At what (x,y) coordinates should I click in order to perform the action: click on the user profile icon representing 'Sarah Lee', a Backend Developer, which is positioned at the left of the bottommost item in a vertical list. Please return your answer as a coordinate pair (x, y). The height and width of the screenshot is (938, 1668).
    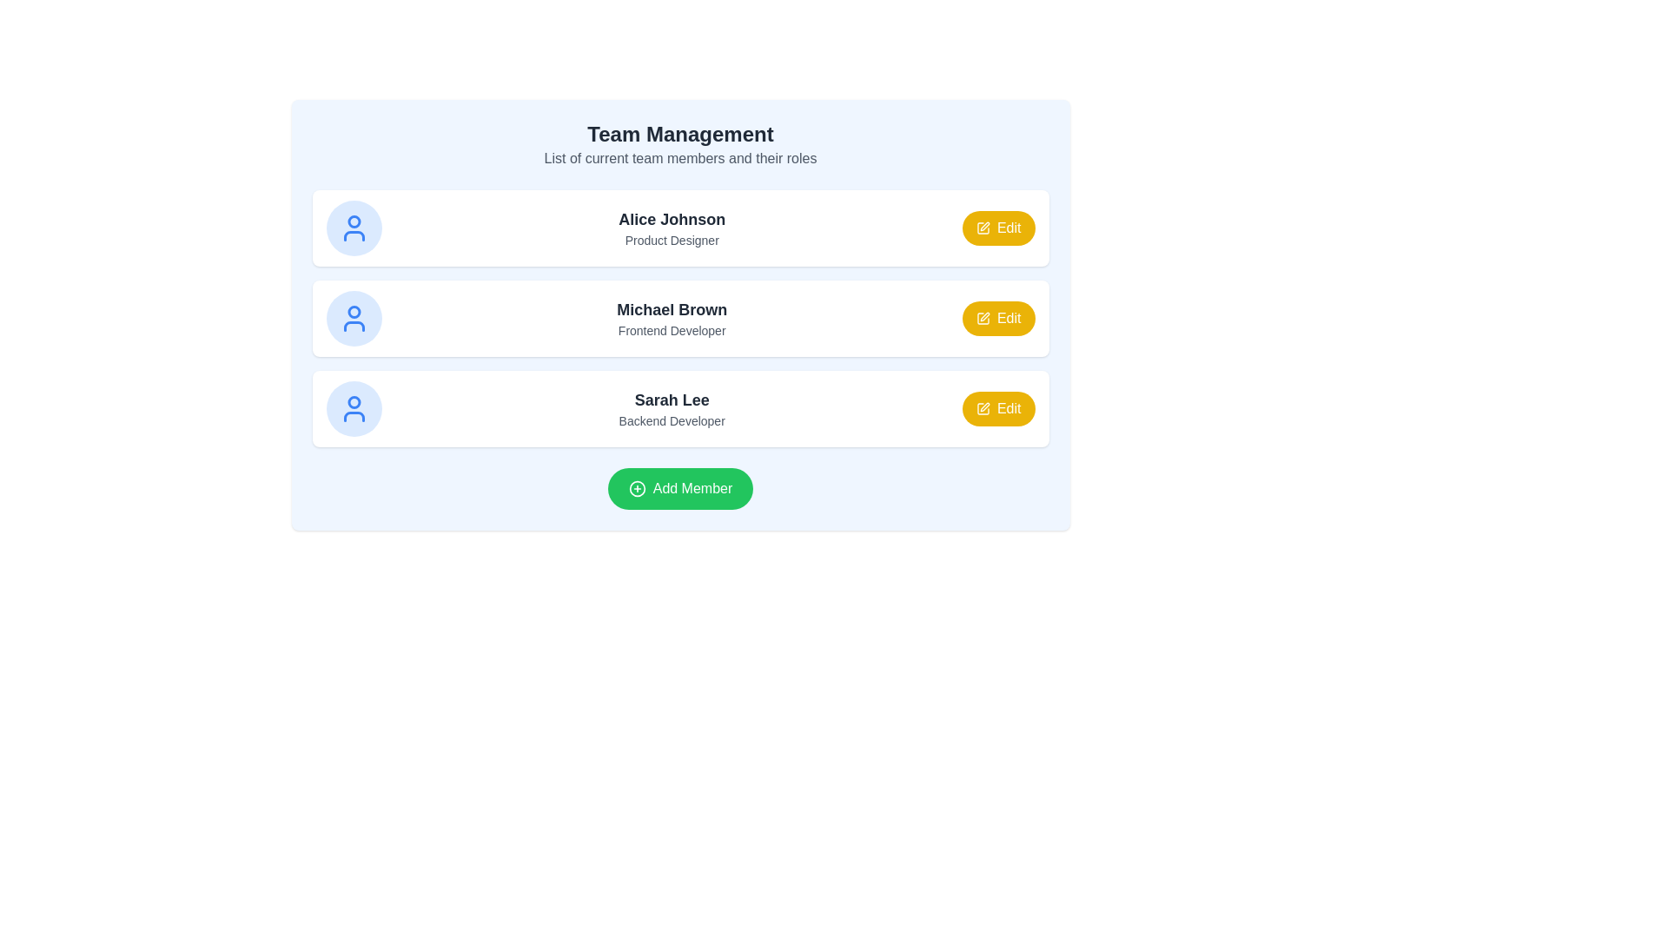
    Looking at the image, I should click on (353, 408).